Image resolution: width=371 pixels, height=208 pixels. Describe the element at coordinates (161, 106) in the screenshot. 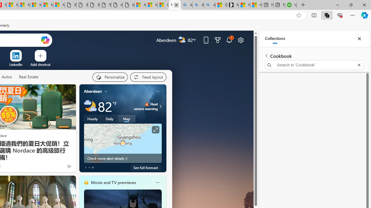

I see `'Class: weather-arrow-glyph'` at that location.